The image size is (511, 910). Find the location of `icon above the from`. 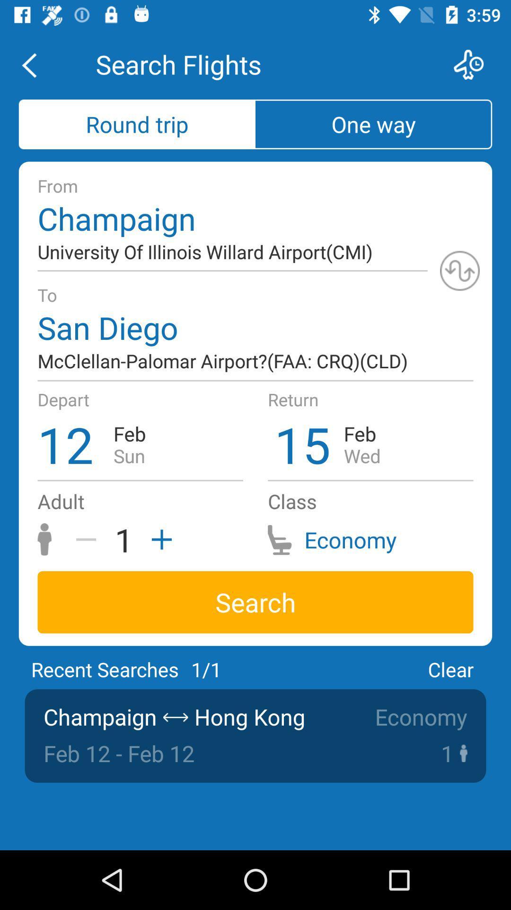

icon above the from is located at coordinates (373, 124).